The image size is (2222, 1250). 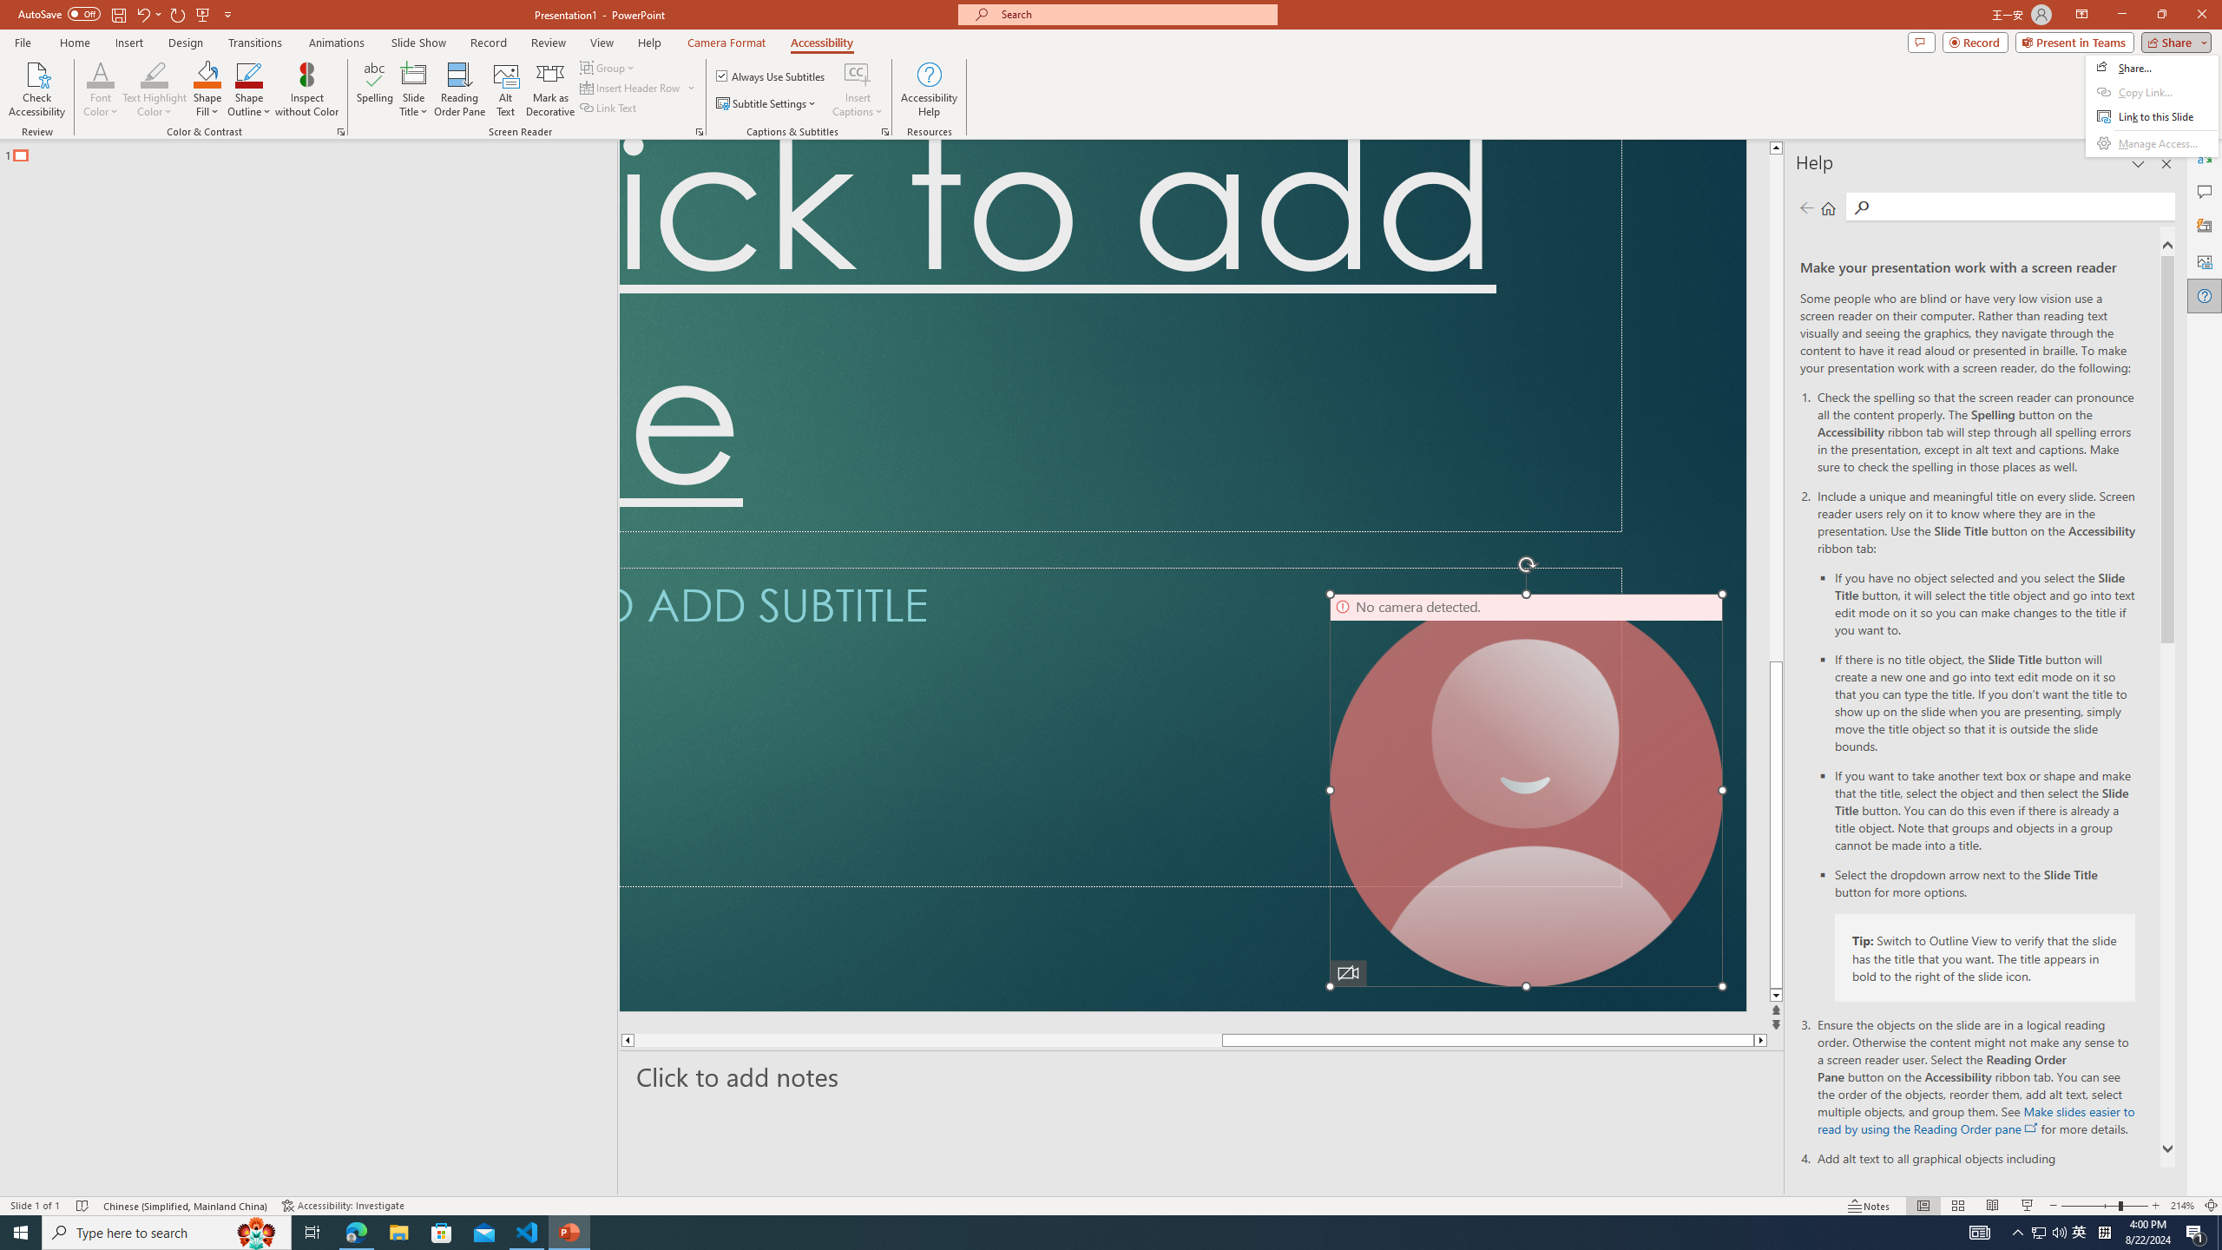 What do you see at coordinates (460, 89) in the screenshot?
I see `'Reading Order Pane'` at bounding box center [460, 89].